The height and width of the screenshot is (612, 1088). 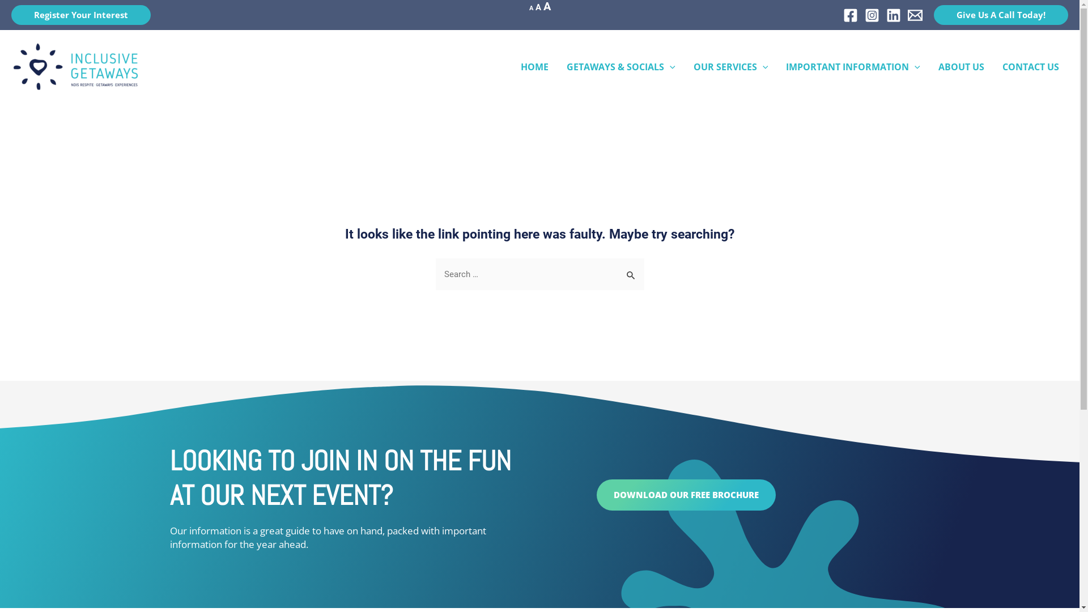 I want to click on 'A, so click(x=542, y=6).